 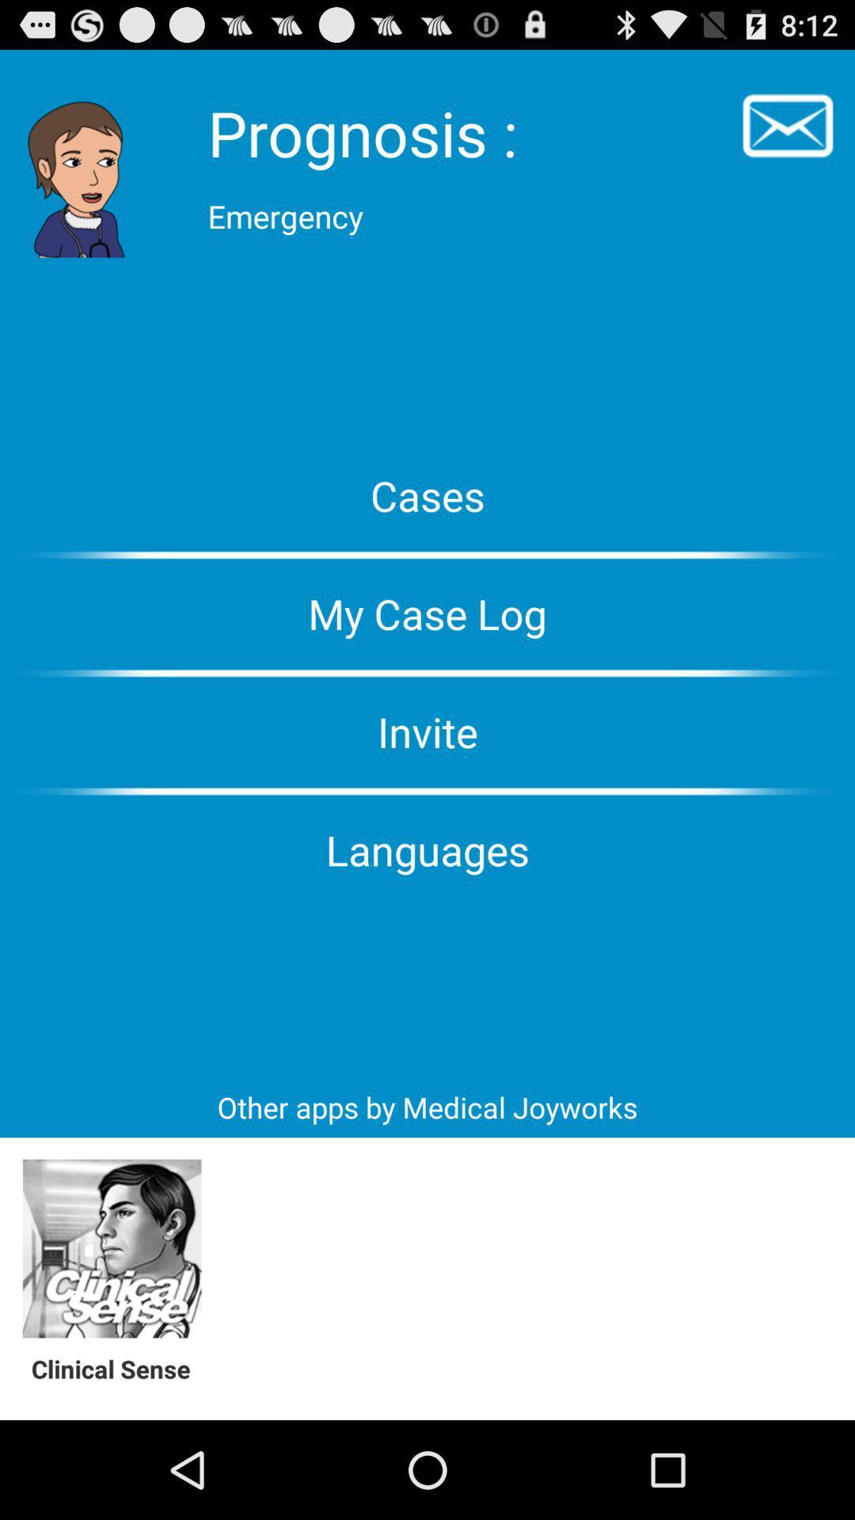 I want to click on the invite item, so click(x=427, y=731).